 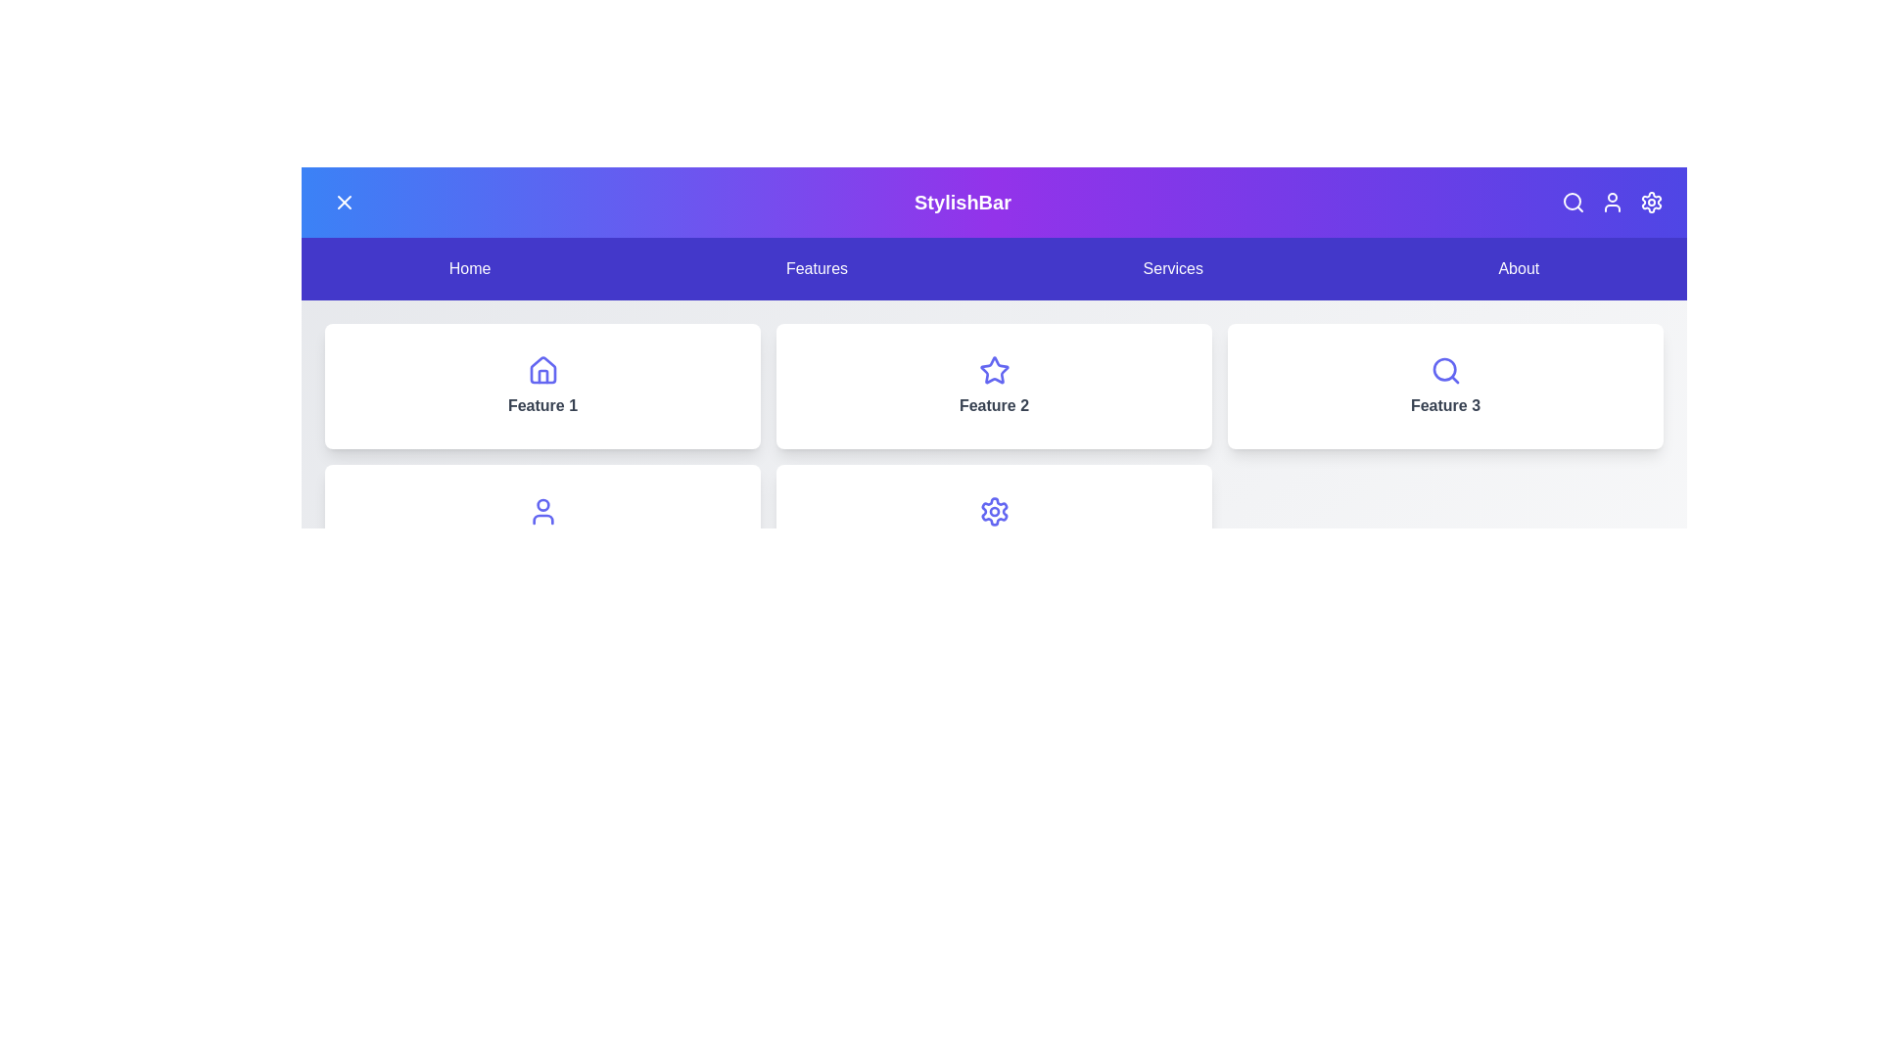 I want to click on the feature card labeled Feature 1, so click(x=542, y=386).